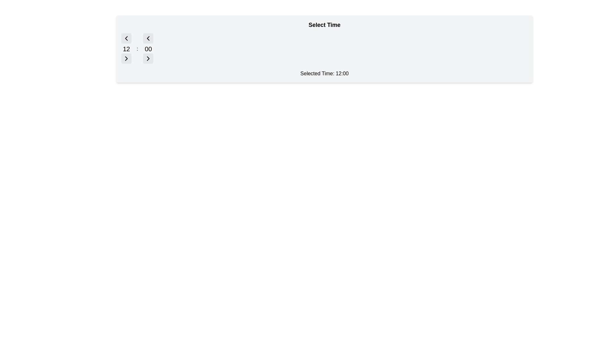  I want to click on the backward navigation icon located in the top-left corner of the time selection interface to initiate a backward navigation, so click(148, 38).